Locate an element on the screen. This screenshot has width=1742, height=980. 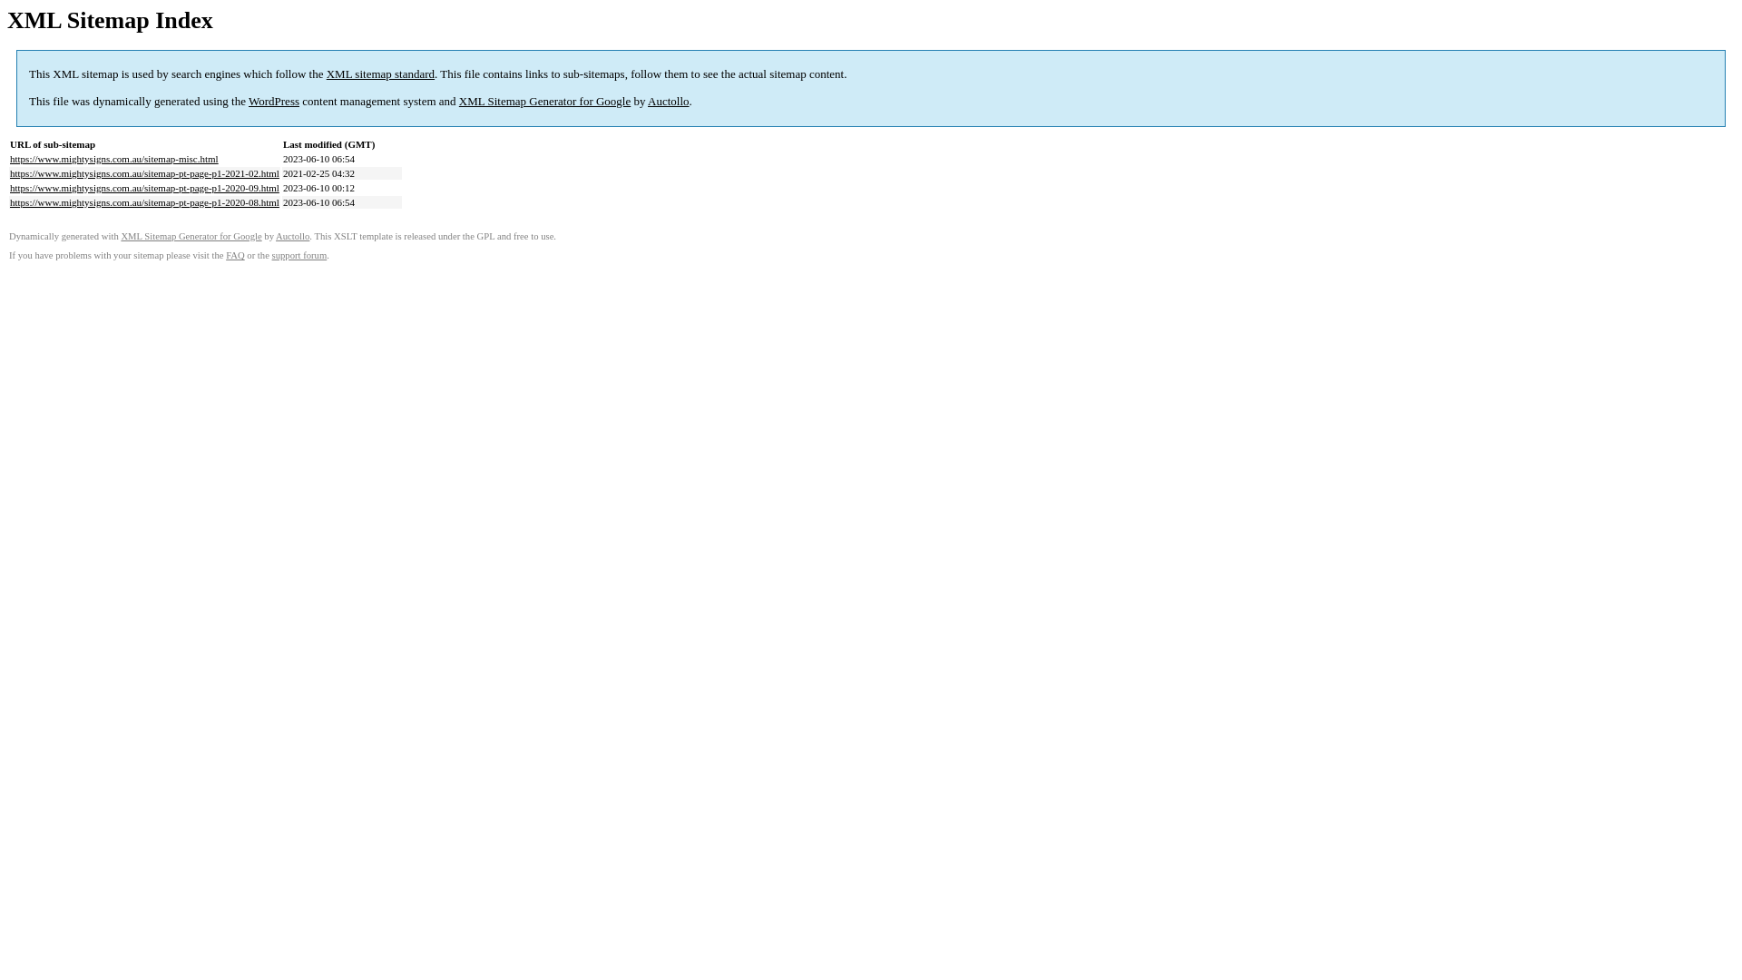
'XML sitemap standard' is located at coordinates (379, 73).